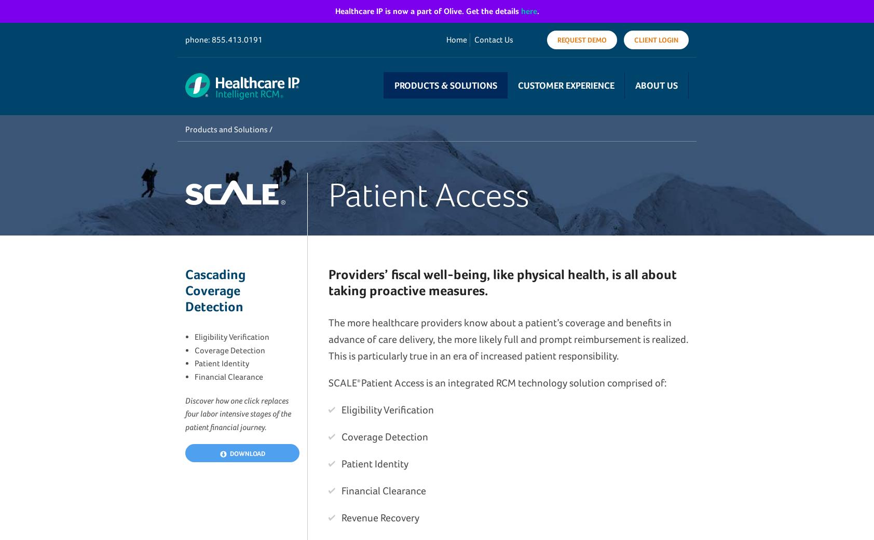 The height and width of the screenshot is (540, 874). Describe the element at coordinates (456, 39) in the screenshot. I see `'Home'` at that location.